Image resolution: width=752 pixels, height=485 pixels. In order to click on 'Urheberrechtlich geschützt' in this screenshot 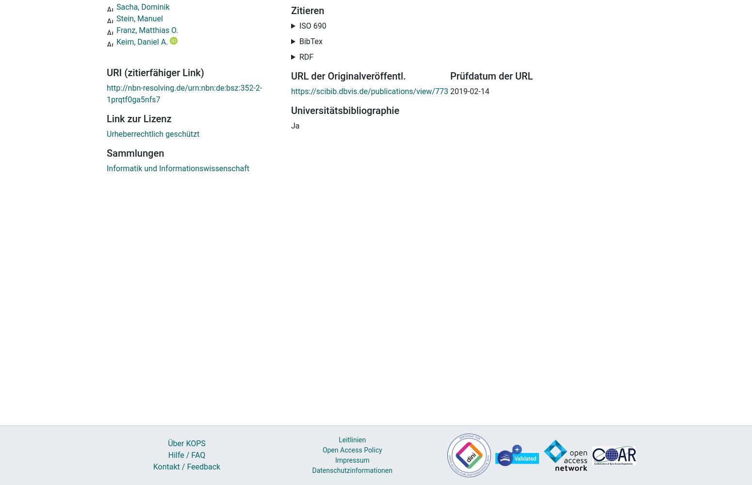, I will do `click(152, 133)`.